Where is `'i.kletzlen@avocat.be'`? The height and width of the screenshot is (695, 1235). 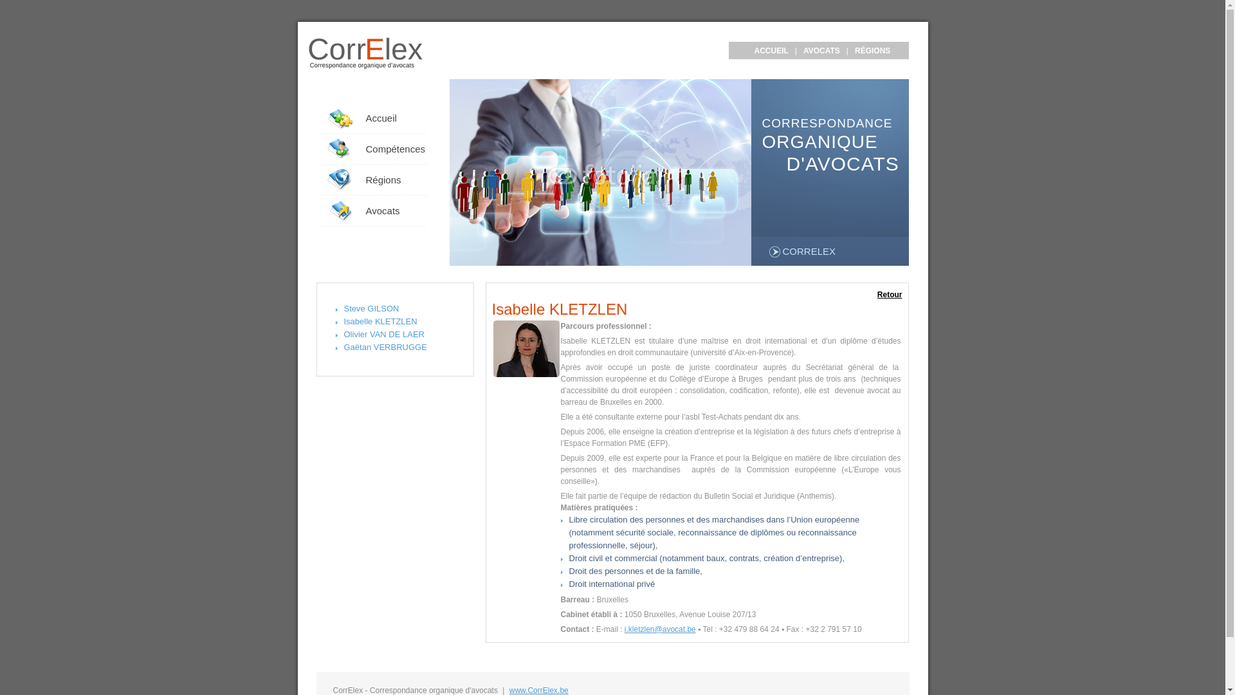
'i.kletzlen@avocat.be' is located at coordinates (660, 629).